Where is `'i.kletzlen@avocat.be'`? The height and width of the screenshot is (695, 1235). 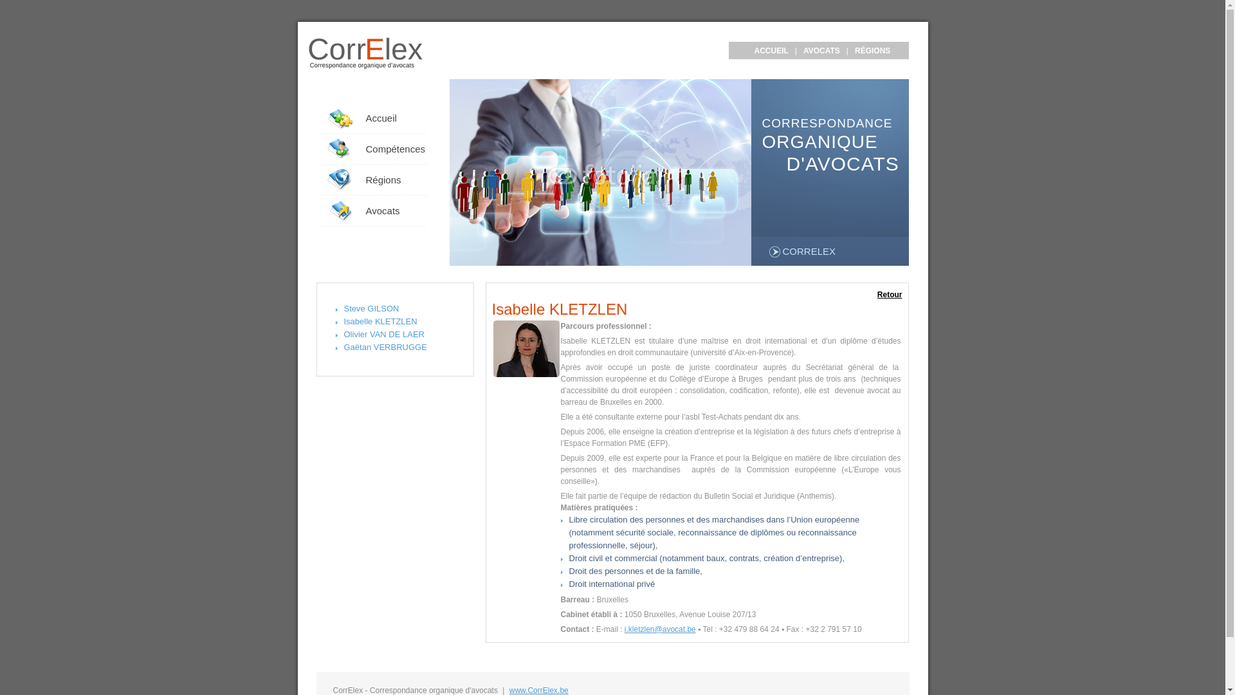
'i.kletzlen@avocat.be' is located at coordinates (660, 629).